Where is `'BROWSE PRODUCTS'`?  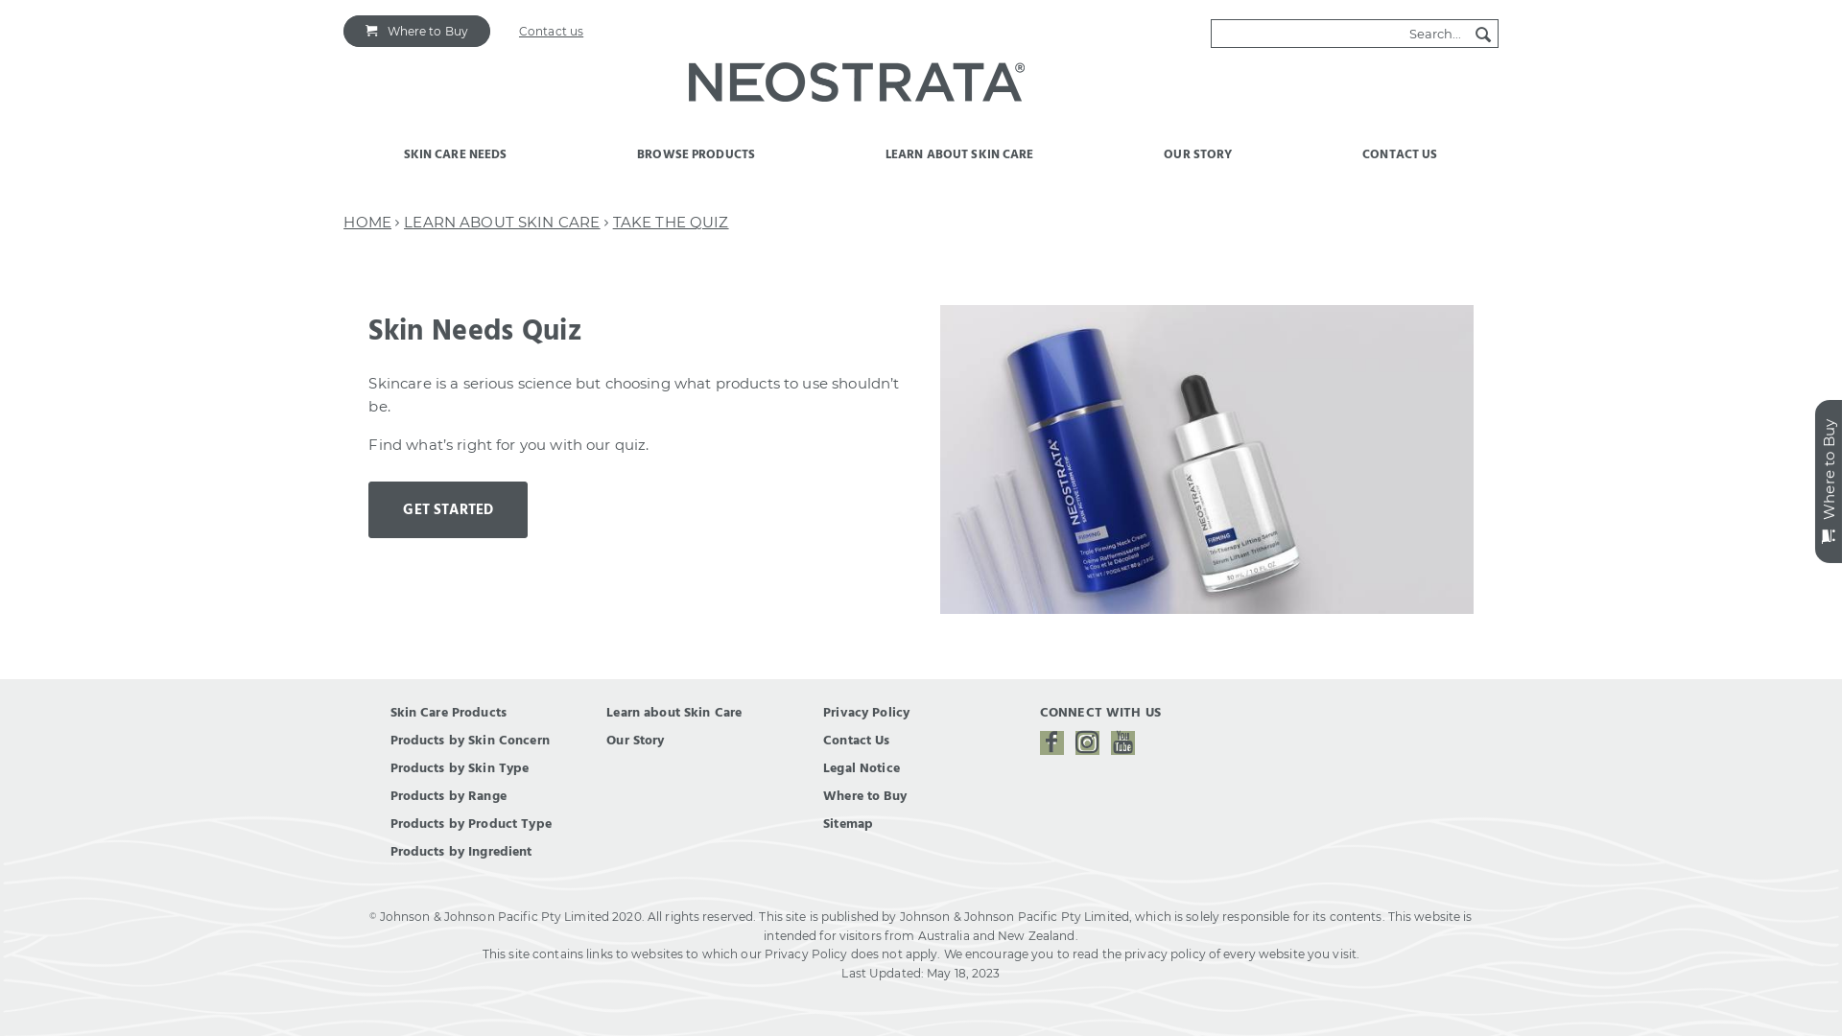 'BROWSE PRODUCTS' is located at coordinates (695, 164).